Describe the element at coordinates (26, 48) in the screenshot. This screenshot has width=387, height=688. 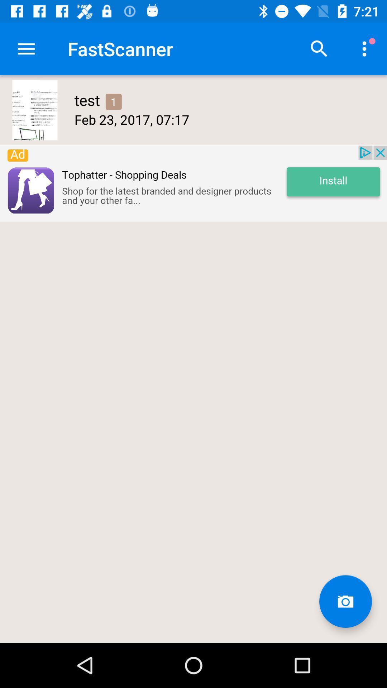
I see `menu button` at that location.